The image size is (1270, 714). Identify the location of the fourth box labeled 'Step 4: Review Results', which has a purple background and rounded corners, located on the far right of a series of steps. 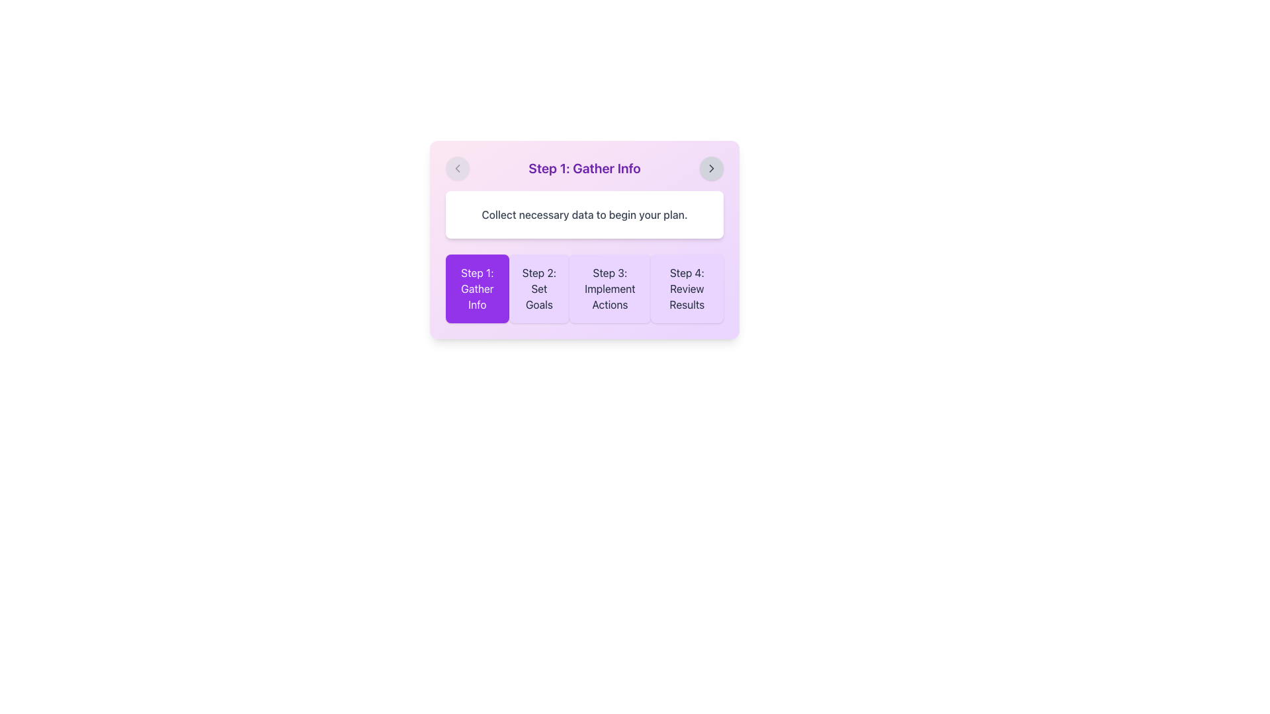
(687, 288).